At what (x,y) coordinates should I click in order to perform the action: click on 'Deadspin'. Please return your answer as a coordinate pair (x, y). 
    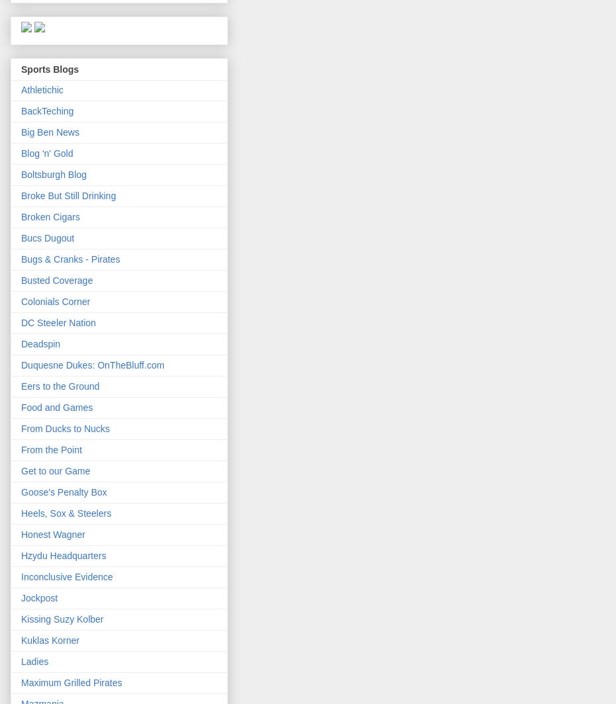
    Looking at the image, I should click on (40, 343).